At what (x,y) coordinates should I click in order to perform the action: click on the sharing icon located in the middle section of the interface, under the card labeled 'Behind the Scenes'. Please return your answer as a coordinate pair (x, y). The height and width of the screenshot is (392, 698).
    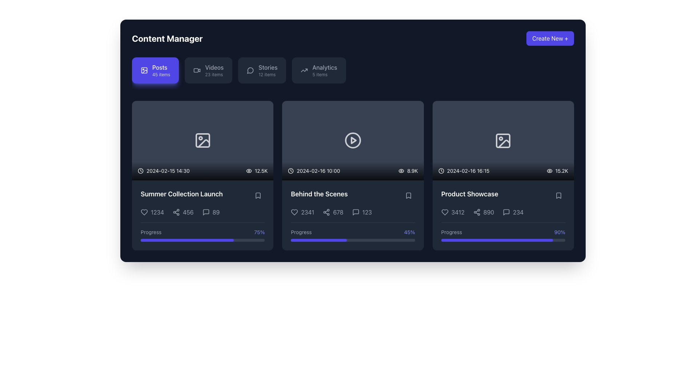
    Looking at the image, I should click on (326, 212).